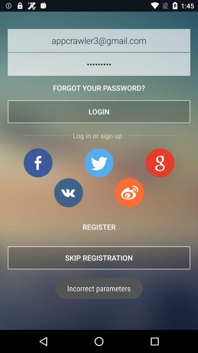 The image size is (198, 353). Describe the element at coordinates (38, 163) in the screenshot. I see `the facebook icon` at that location.